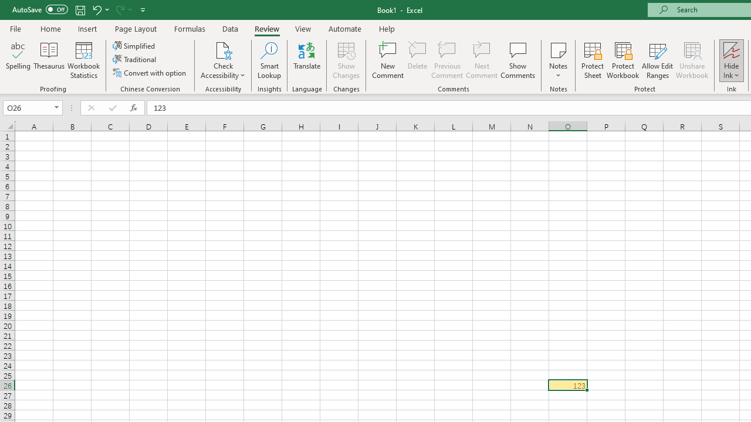 The image size is (751, 422). What do you see at coordinates (517, 60) in the screenshot?
I see `'Show Comments'` at bounding box center [517, 60].